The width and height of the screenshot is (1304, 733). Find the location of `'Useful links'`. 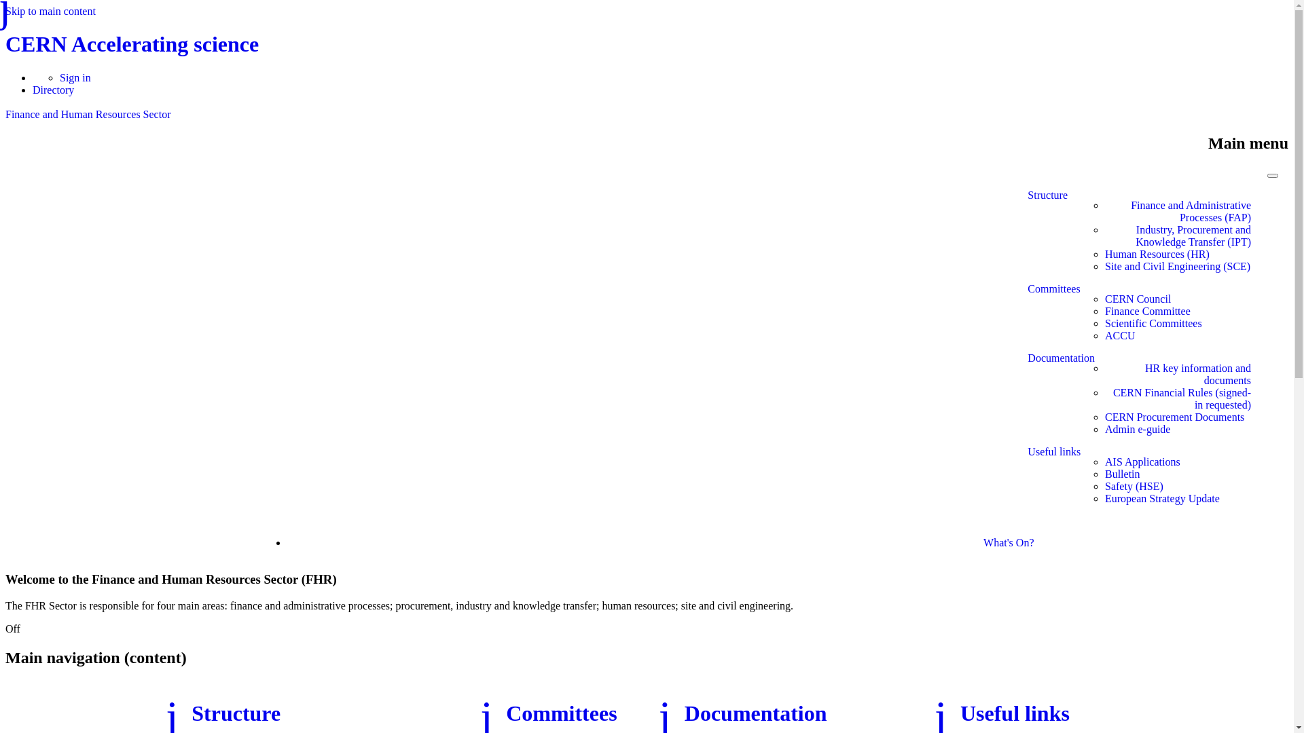

'Useful links' is located at coordinates (960, 712).